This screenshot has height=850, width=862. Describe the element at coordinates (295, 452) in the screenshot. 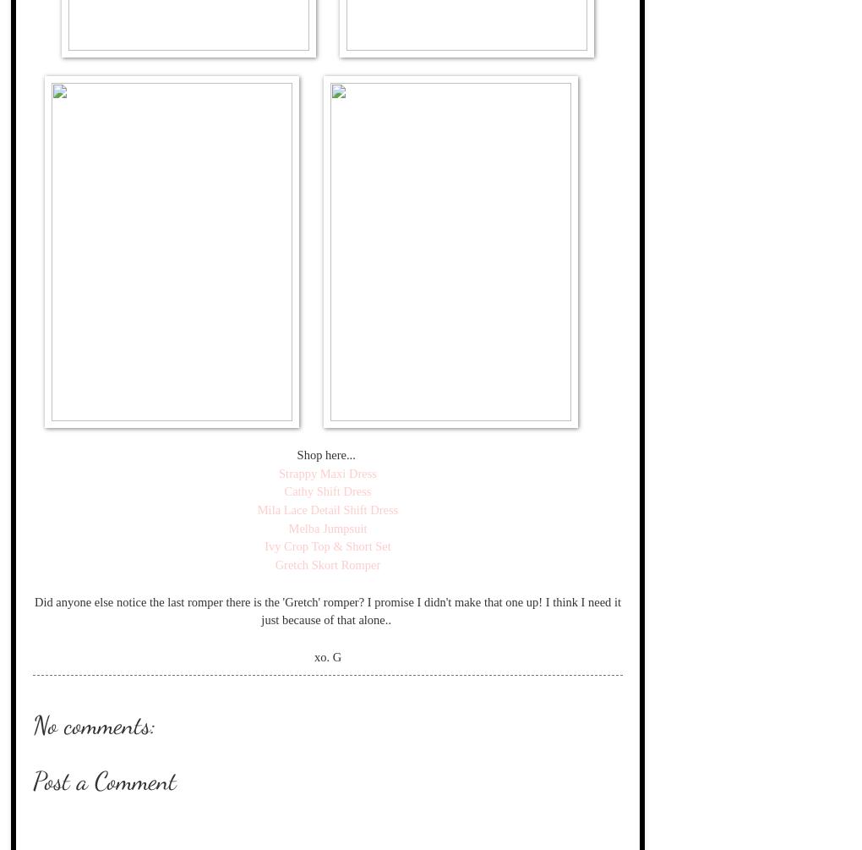

I see `'Shop here...'` at that location.